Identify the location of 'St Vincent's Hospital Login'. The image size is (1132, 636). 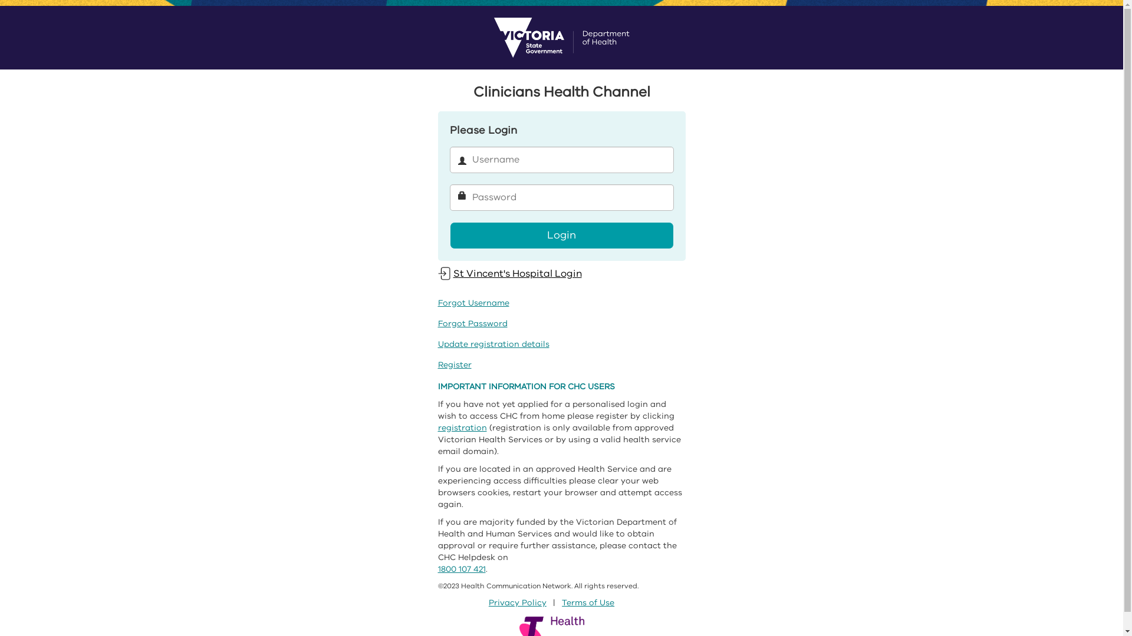
(509, 273).